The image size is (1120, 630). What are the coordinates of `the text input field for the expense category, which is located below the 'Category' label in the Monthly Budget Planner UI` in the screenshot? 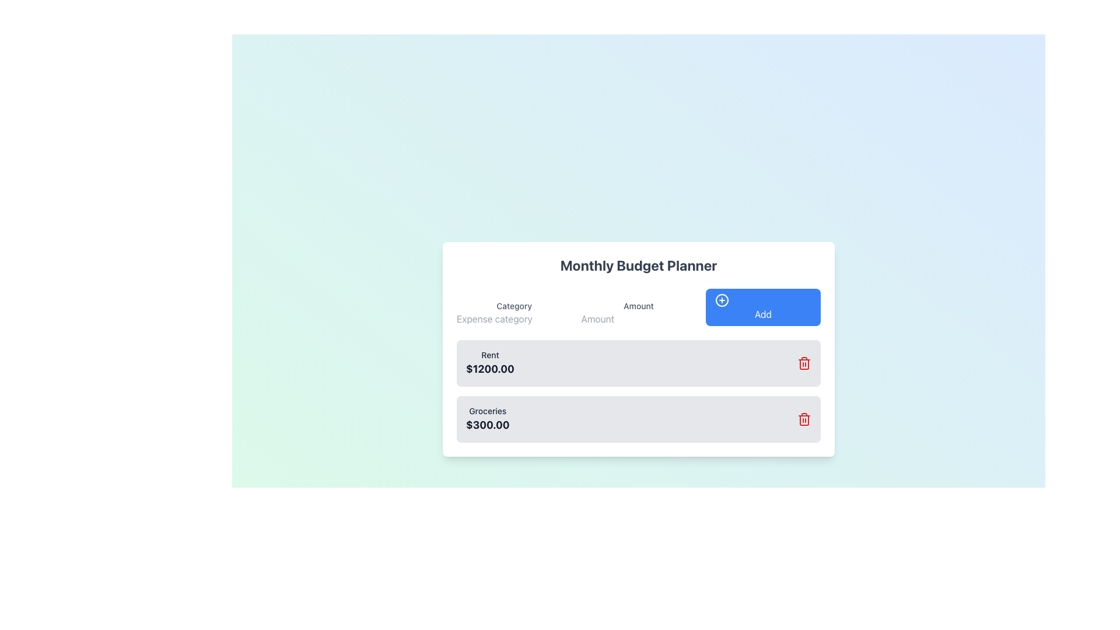 It's located at (513, 319).